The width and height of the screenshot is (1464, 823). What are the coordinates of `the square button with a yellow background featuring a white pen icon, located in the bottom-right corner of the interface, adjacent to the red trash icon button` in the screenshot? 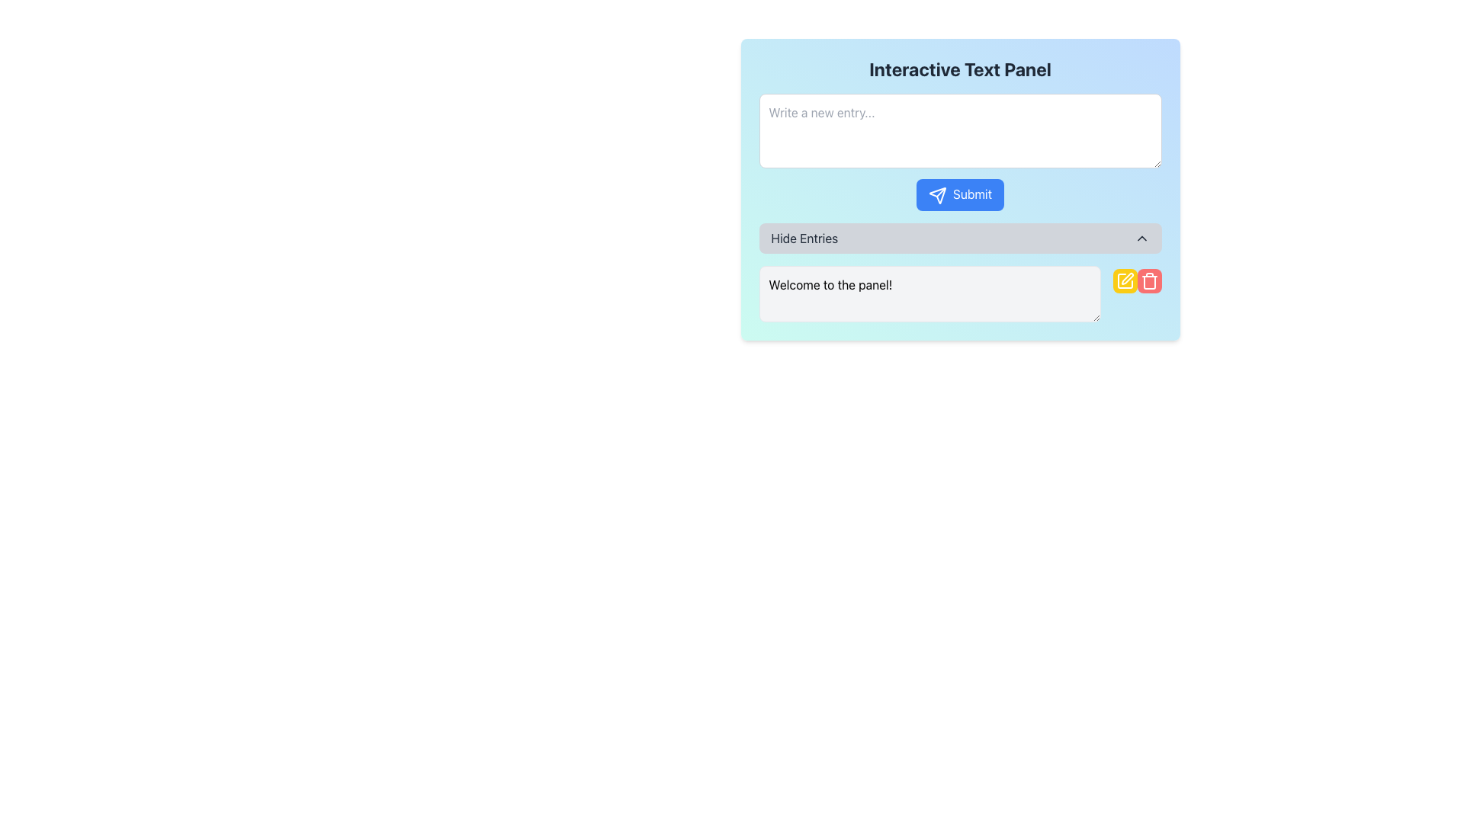 It's located at (1125, 280).